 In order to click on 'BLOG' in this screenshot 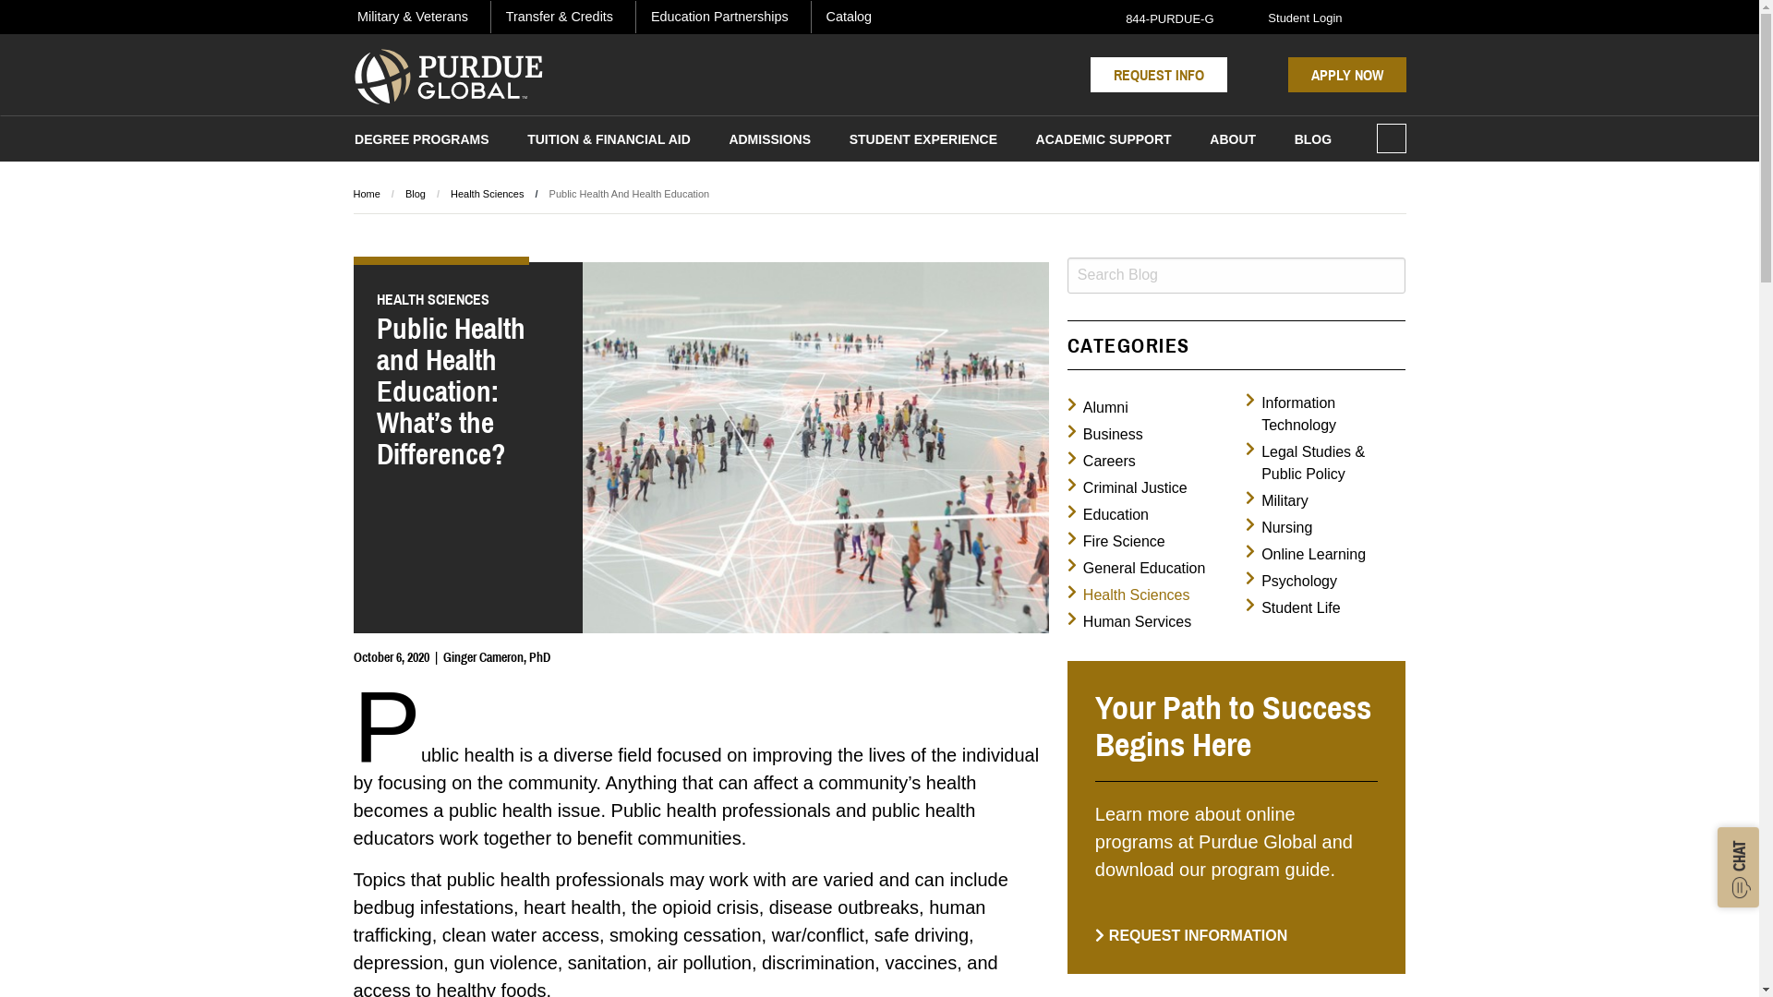, I will do `click(1311, 141)`.